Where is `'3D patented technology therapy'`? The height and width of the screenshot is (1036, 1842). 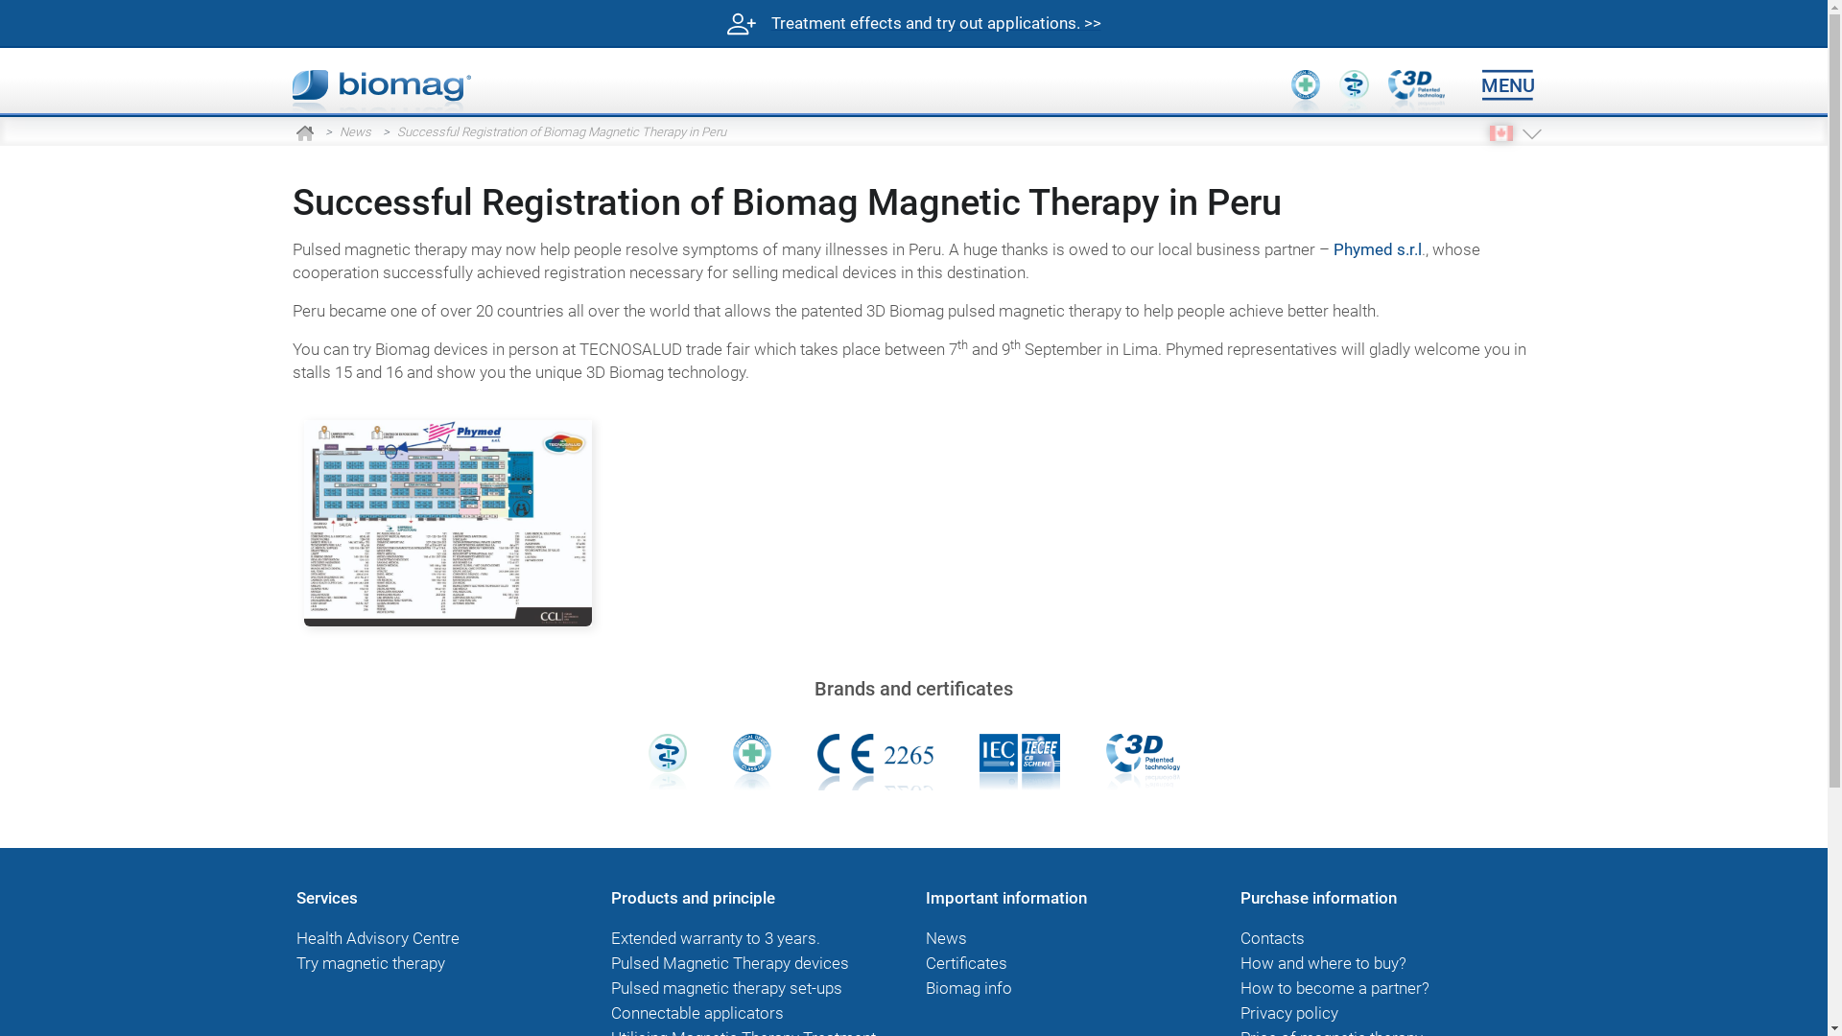
'3D patented technology therapy' is located at coordinates (1382, 91).